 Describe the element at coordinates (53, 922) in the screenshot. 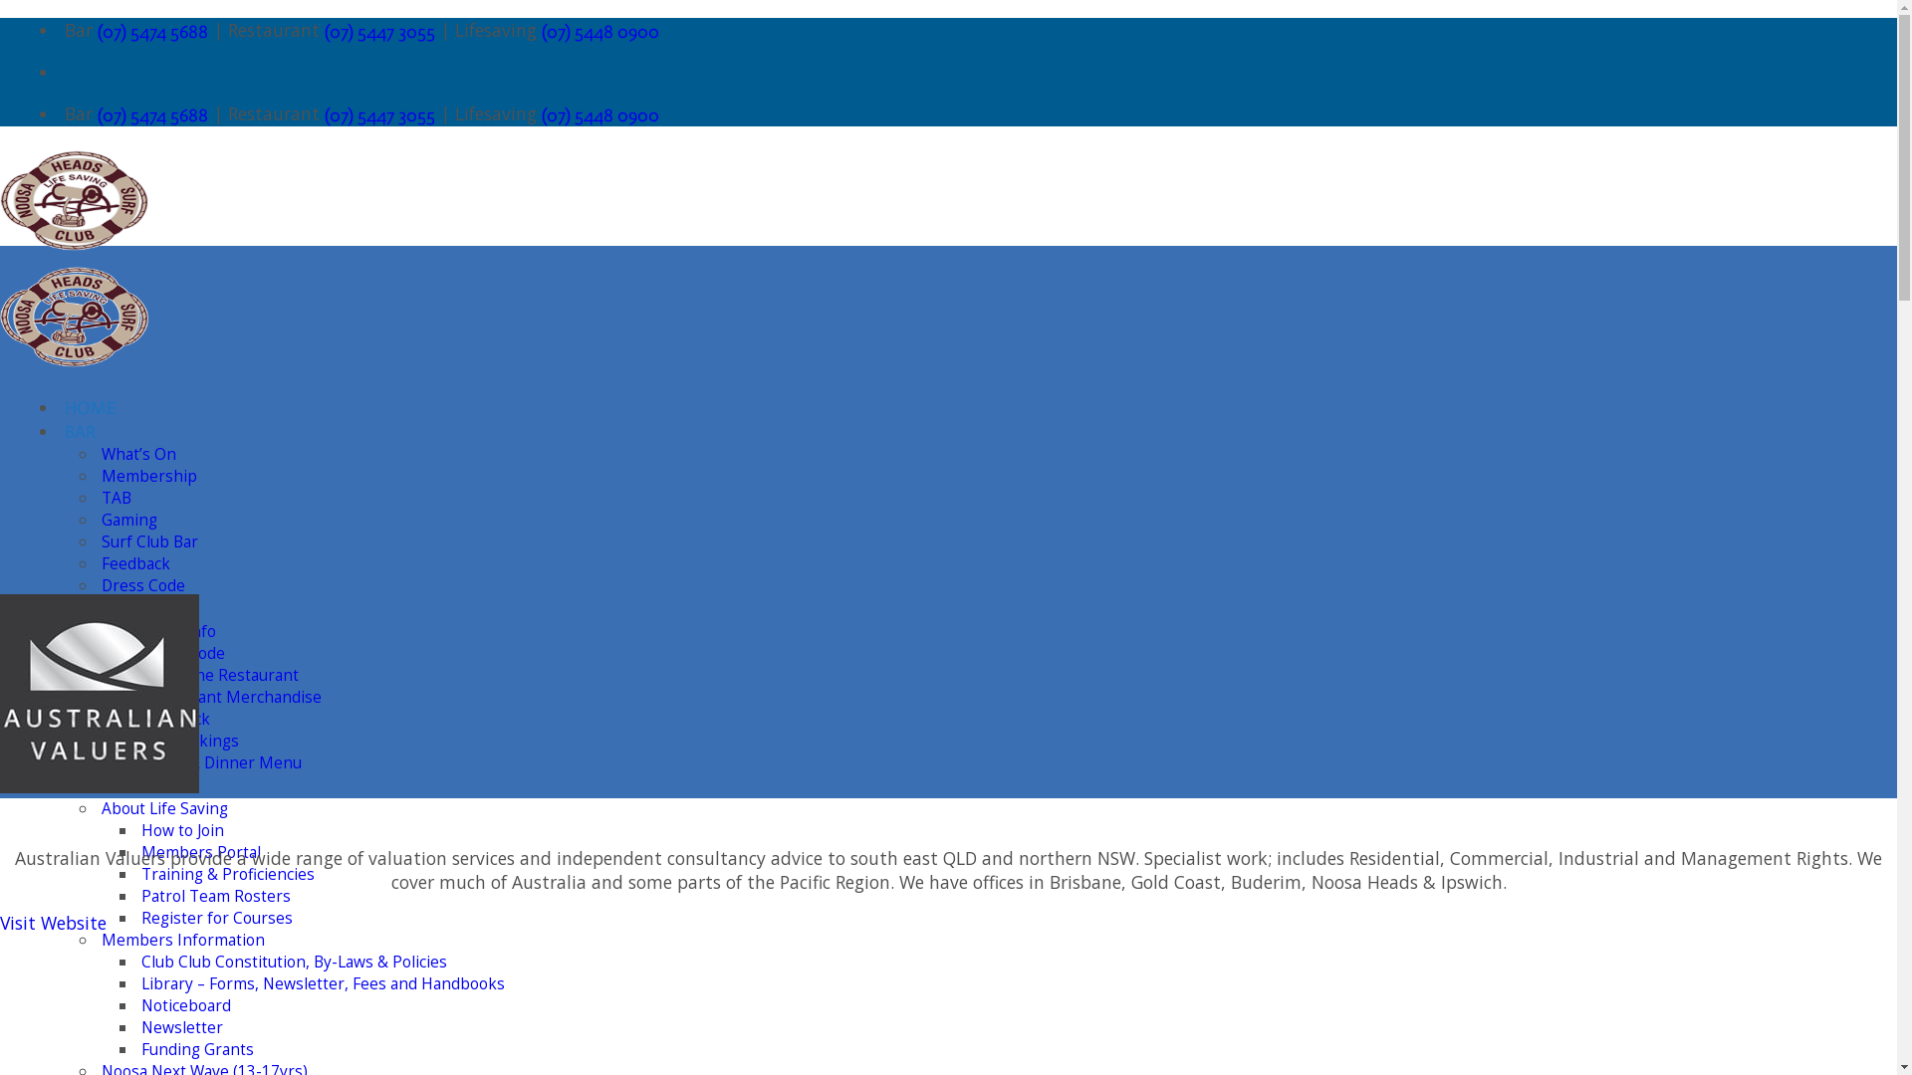

I see `'Visit Website'` at that location.